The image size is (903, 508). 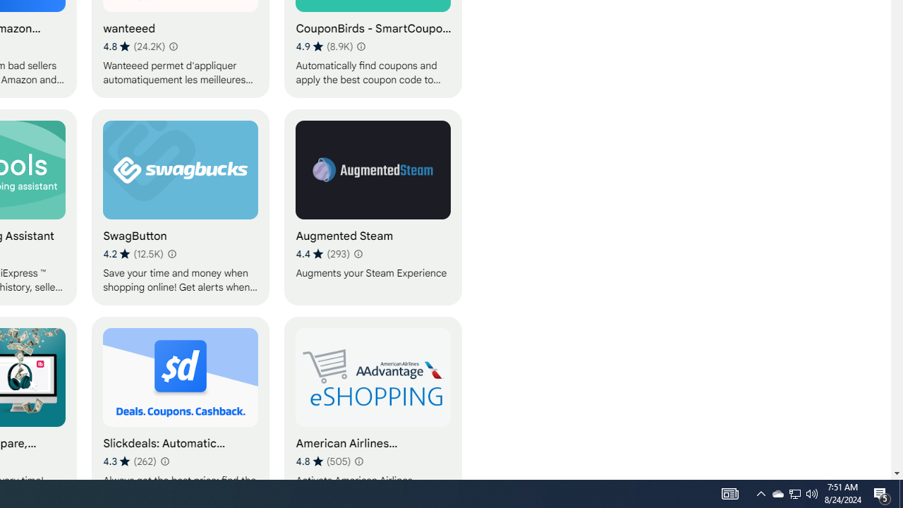 What do you see at coordinates (134, 46) in the screenshot?
I see `'Average rating 4.8 out of 5 stars. 24.2K ratings.'` at bounding box center [134, 46].